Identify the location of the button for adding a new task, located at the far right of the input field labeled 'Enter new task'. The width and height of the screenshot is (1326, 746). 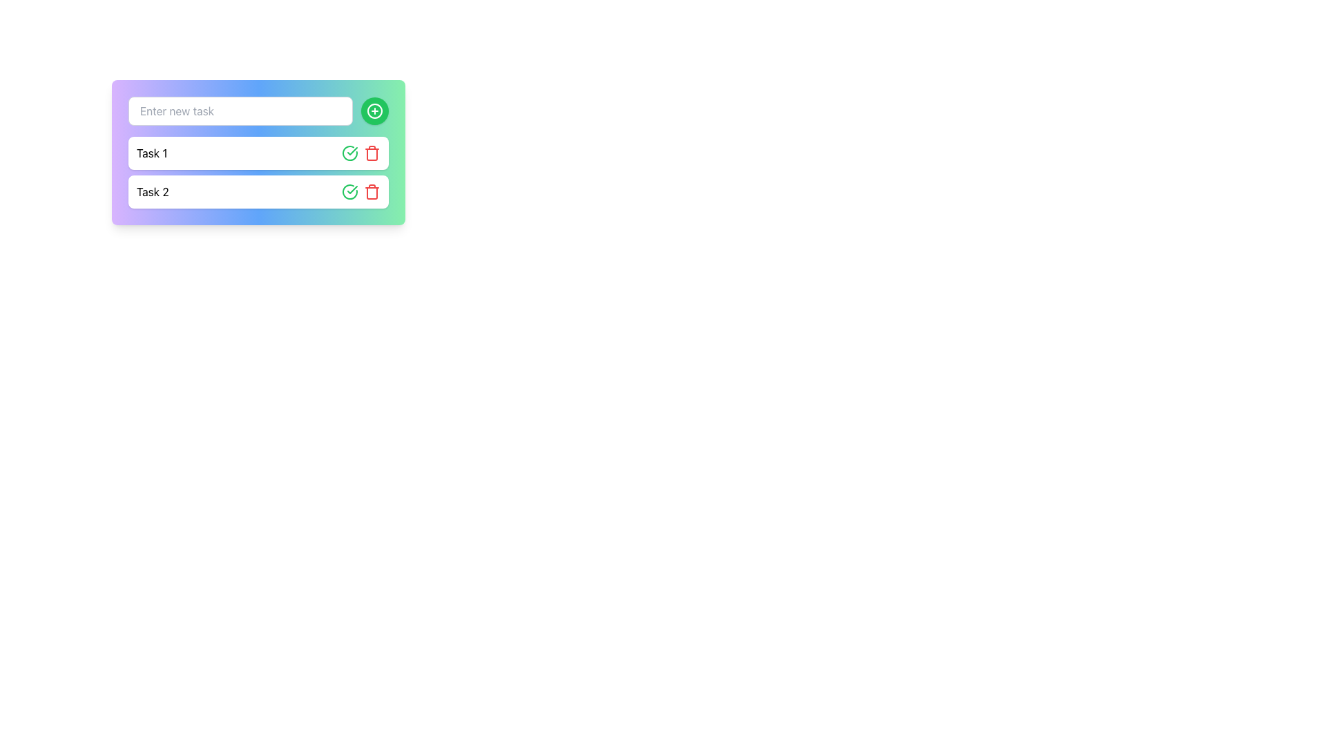
(374, 111).